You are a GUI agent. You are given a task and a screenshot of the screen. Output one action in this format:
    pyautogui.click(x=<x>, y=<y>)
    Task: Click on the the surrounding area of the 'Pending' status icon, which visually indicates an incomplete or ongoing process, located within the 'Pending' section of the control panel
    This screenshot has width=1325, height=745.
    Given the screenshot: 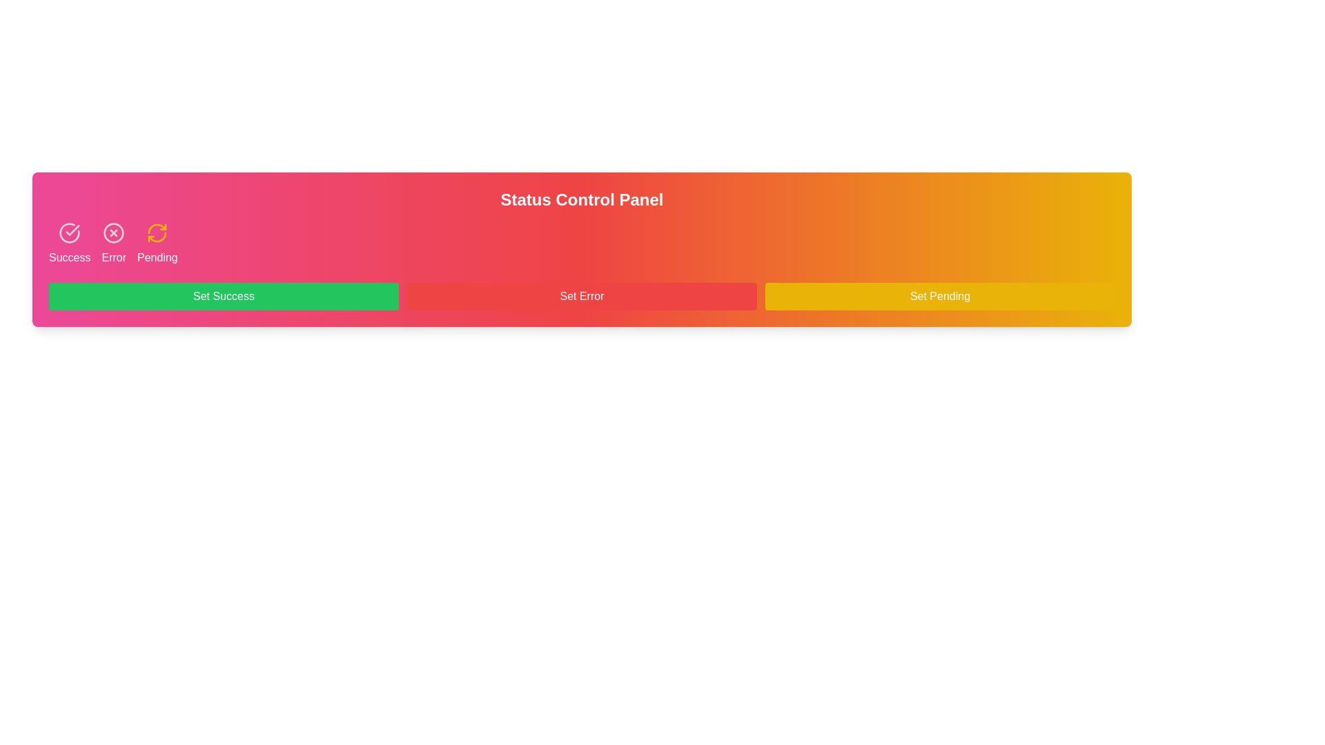 What is the action you would take?
    pyautogui.click(x=157, y=236)
    